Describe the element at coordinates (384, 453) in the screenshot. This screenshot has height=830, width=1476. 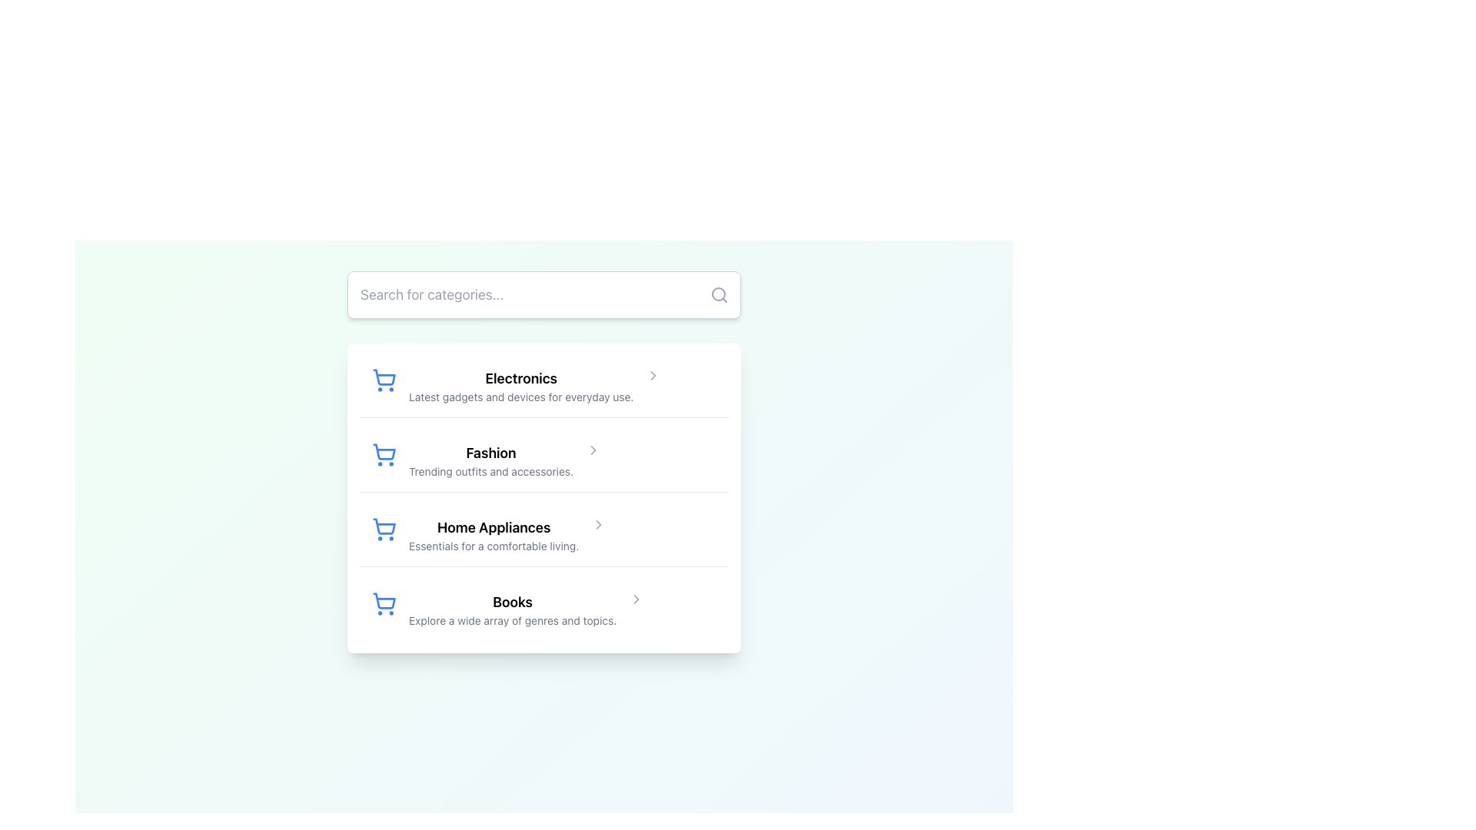
I see `the 'Fashion' category icon, which is the first graphical element in the second row of shopping categories, positioned to the left of the text descriptions` at that location.